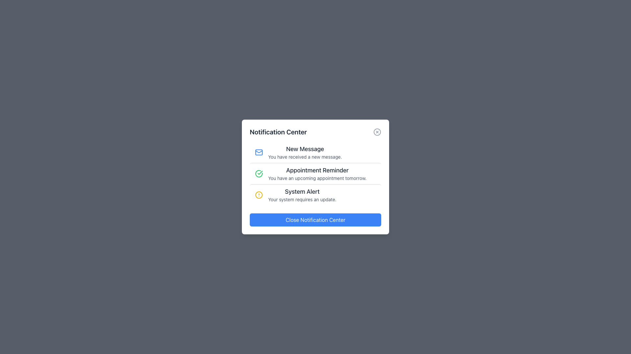 The height and width of the screenshot is (354, 631). Describe the element at coordinates (302, 199) in the screenshot. I see `text label that contains the message 'Your system requires an update', which is displayed in gray color below the header 'System Alert' in the notification card` at that location.